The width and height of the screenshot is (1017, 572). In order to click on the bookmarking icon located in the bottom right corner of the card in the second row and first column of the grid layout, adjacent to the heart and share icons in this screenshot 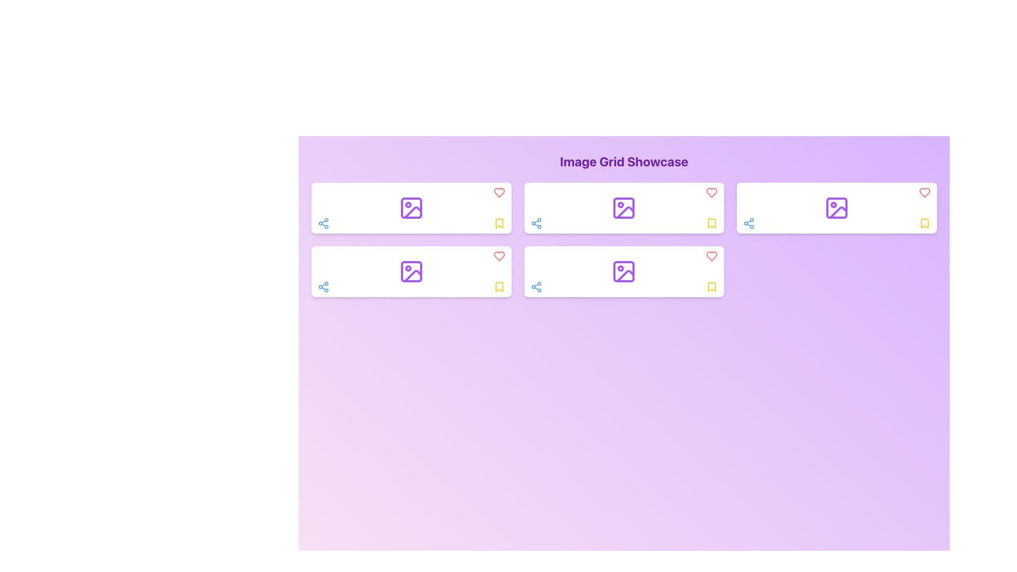, I will do `click(498, 222)`.